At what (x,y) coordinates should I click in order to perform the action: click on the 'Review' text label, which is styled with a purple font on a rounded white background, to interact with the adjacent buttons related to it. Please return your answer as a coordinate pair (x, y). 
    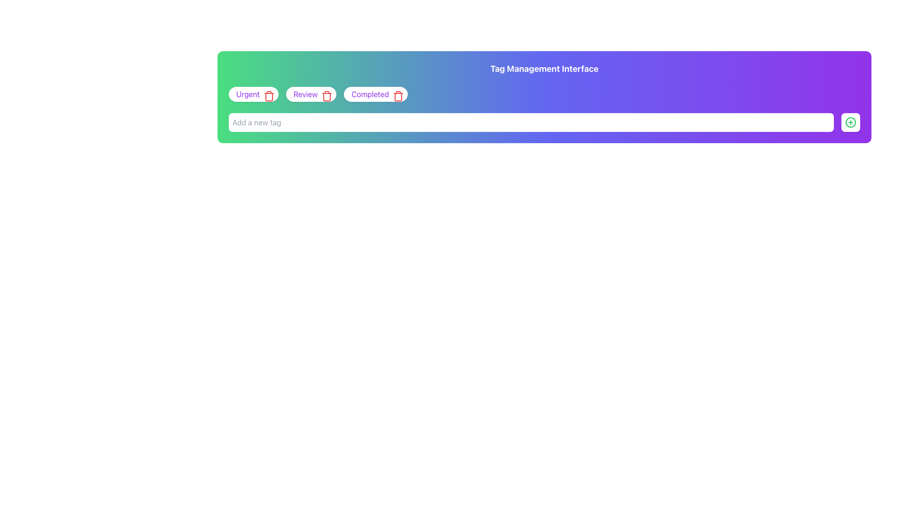
    Looking at the image, I should click on (305, 94).